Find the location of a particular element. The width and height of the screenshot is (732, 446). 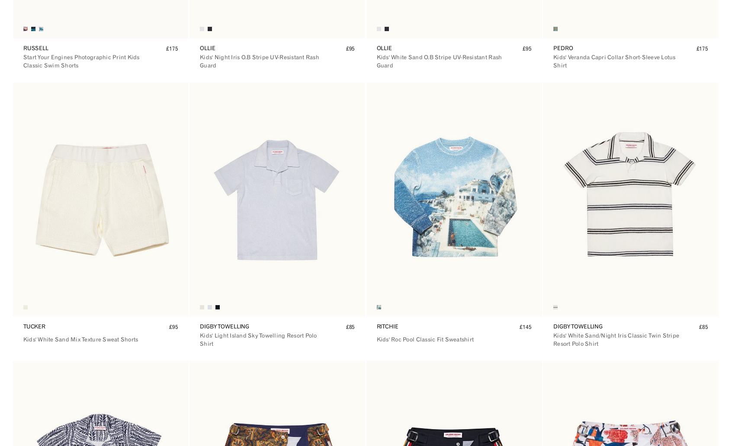

'£145' is located at coordinates (525, 326).